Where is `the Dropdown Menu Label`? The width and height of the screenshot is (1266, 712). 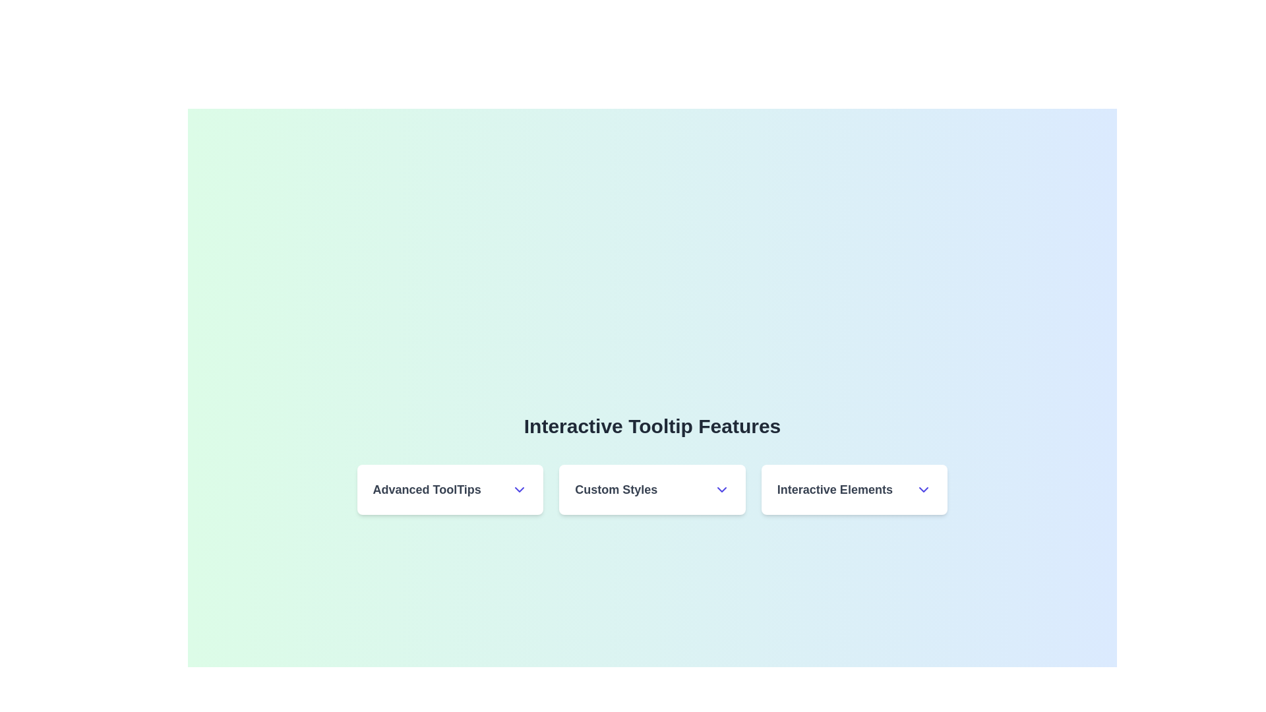 the Dropdown Menu Label is located at coordinates (855, 490).